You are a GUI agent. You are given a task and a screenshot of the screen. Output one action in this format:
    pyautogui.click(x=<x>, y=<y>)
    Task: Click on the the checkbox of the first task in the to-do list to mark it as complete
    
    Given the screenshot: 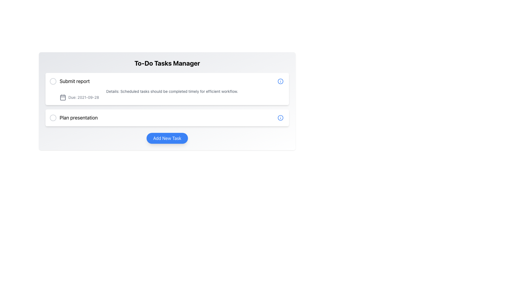 What is the action you would take?
    pyautogui.click(x=69, y=81)
    